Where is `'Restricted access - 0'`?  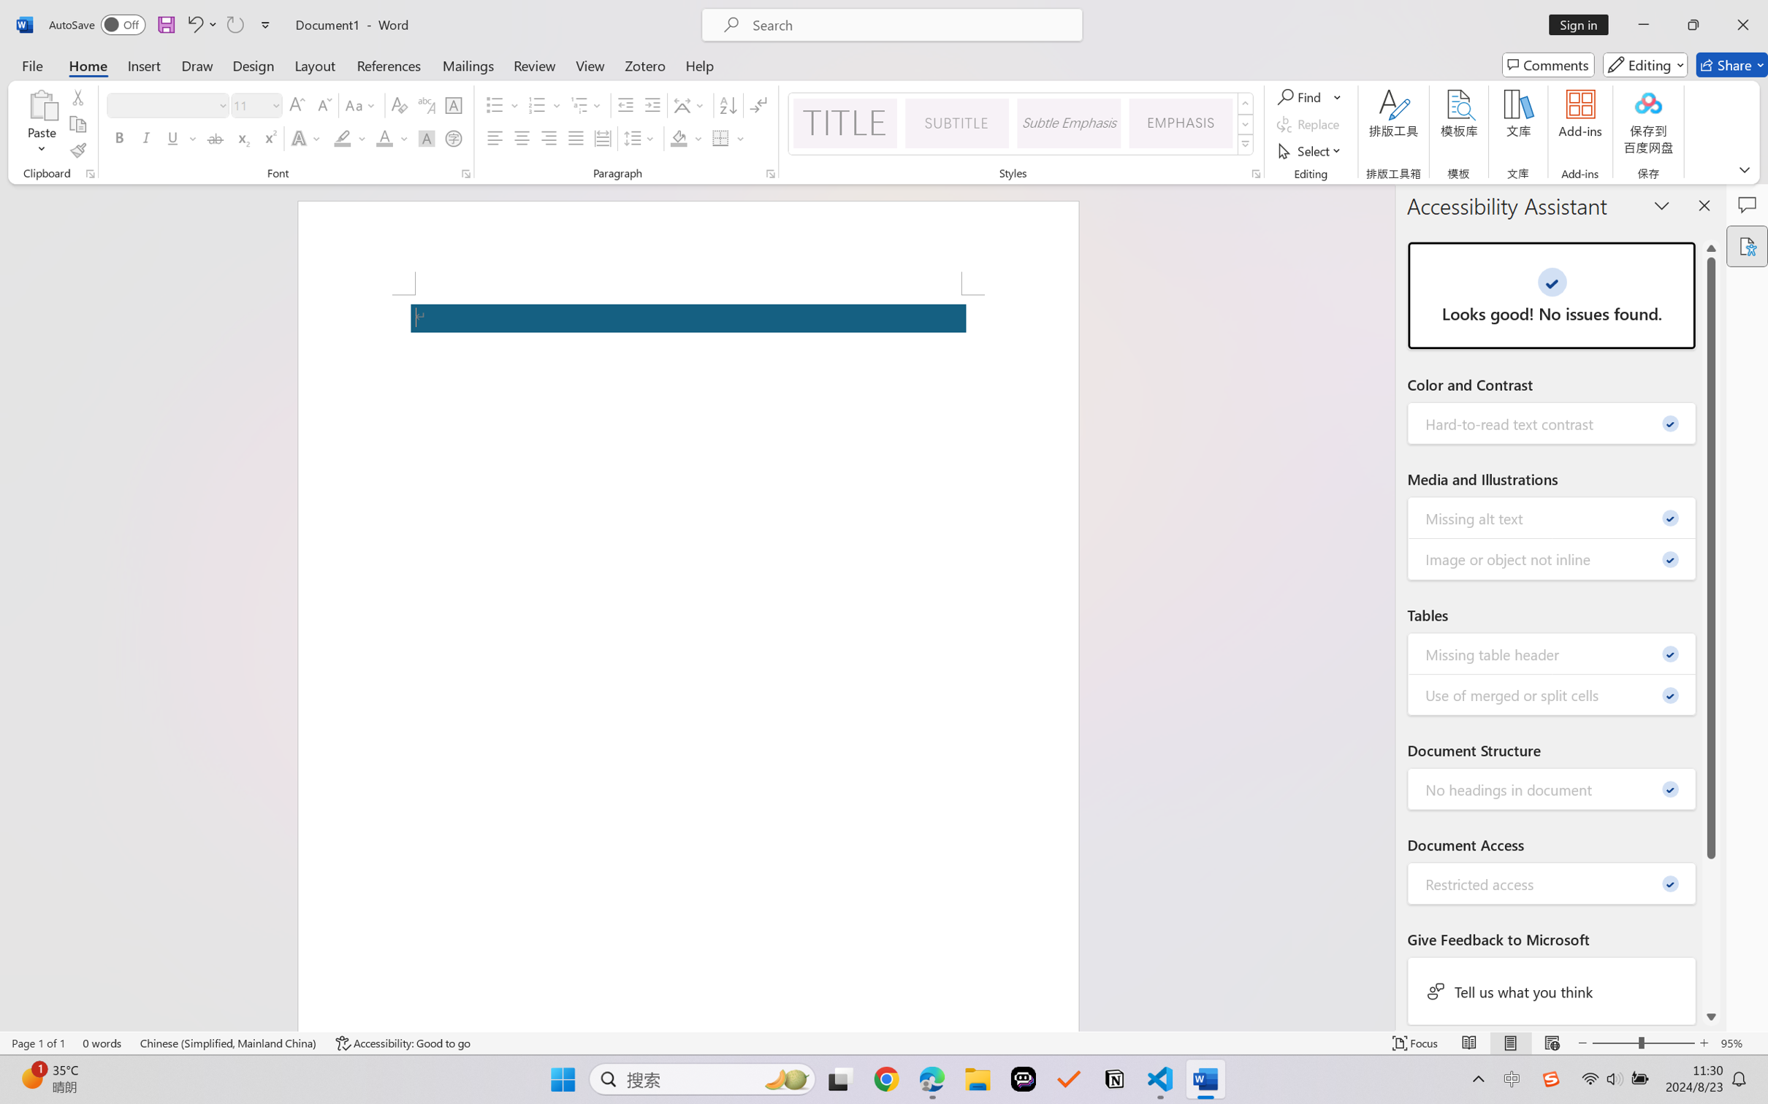
'Restricted access - 0' is located at coordinates (1551, 883).